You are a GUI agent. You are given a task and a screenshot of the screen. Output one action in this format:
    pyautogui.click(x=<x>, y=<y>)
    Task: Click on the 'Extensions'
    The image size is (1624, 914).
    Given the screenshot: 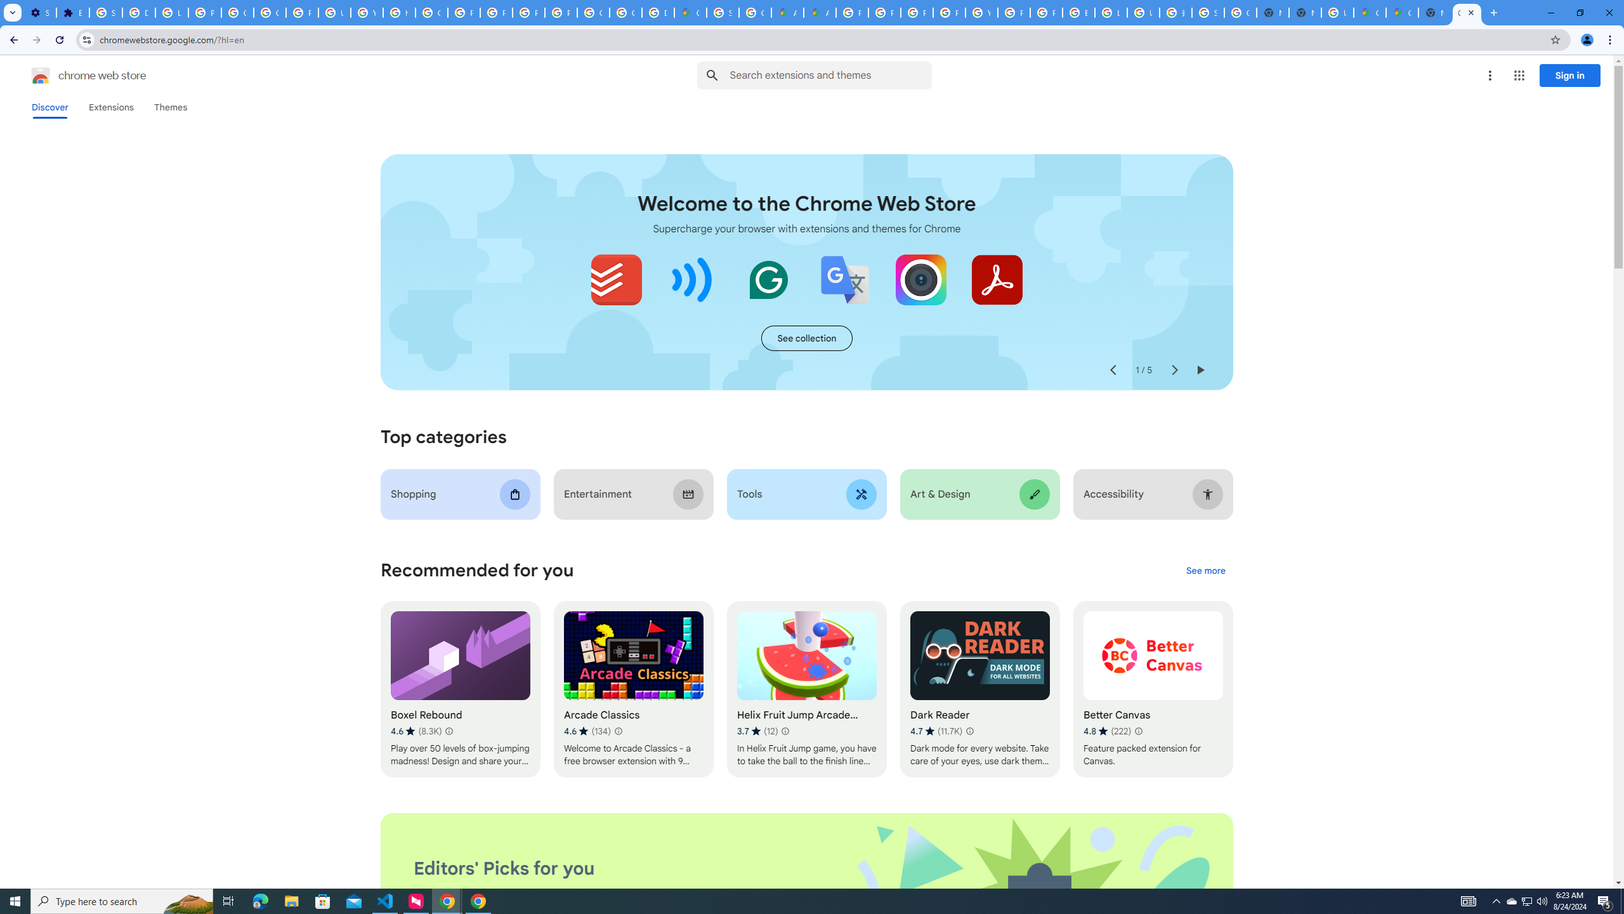 What is the action you would take?
    pyautogui.click(x=111, y=107)
    